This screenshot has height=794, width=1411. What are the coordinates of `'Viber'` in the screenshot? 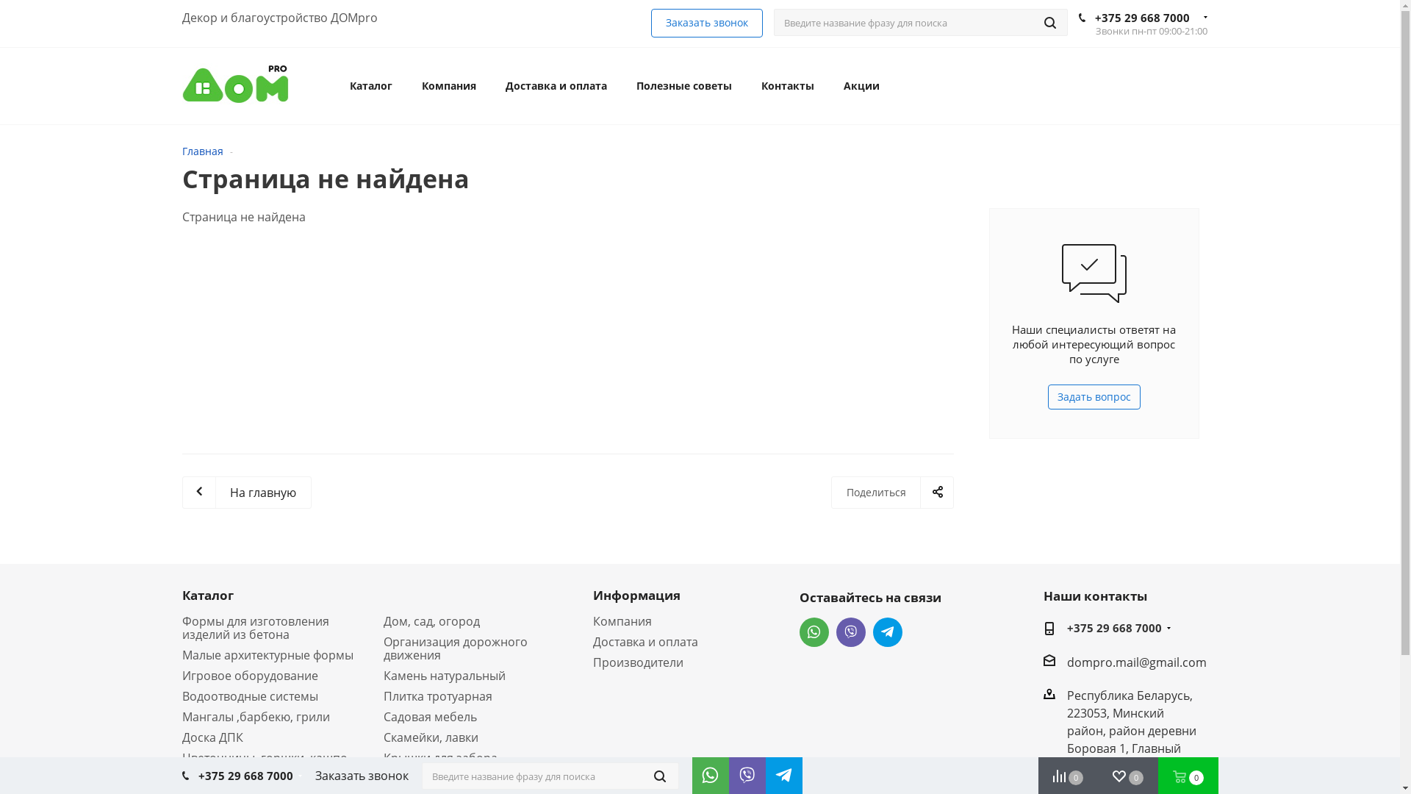 It's located at (850, 632).